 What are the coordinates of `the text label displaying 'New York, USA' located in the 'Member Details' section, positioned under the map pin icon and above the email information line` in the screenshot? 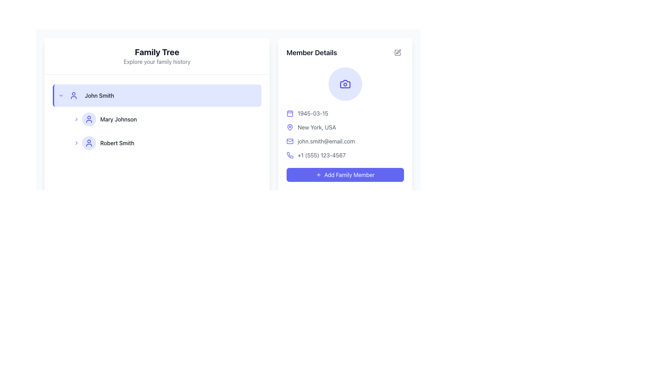 It's located at (316, 127).